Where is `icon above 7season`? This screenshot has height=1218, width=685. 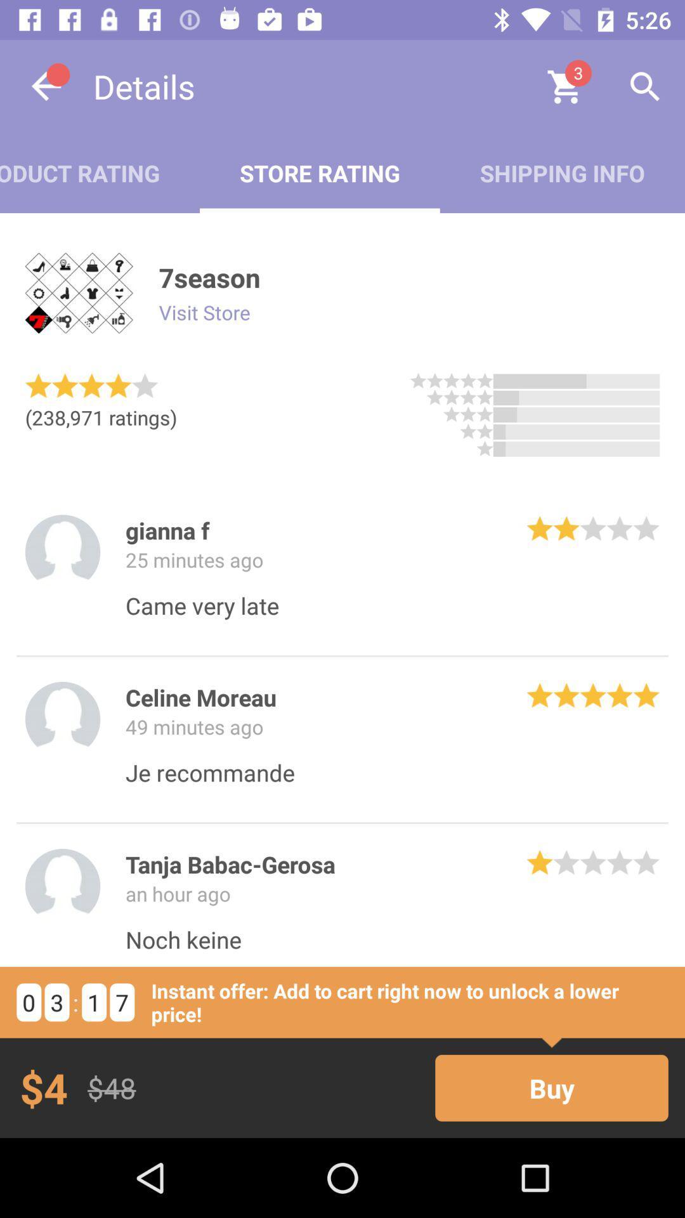
icon above 7season is located at coordinates (561, 173).